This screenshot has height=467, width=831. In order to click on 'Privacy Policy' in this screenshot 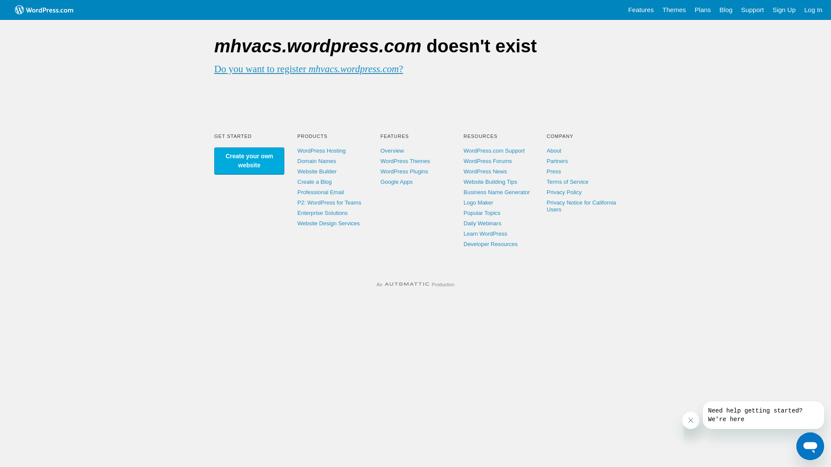, I will do `click(564, 192)`.